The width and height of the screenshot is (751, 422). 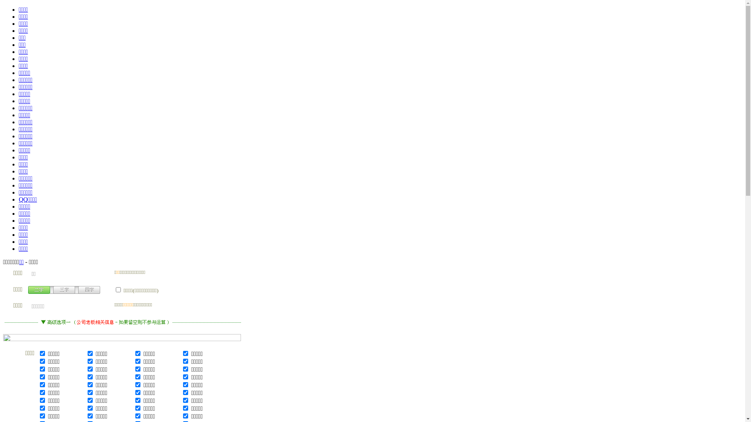 What do you see at coordinates (118, 290) in the screenshot?
I see `'on'` at bounding box center [118, 290].